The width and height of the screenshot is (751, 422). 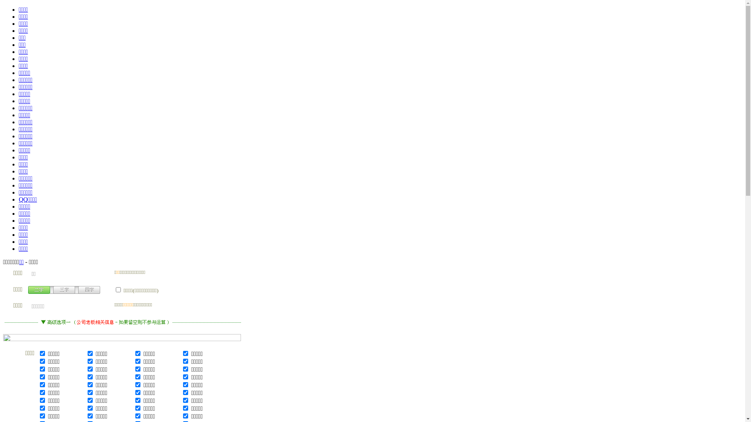 What do you see at coordinates (118, 290) in the screenshot?
I see `'on'` at bounding box center [118, 290].